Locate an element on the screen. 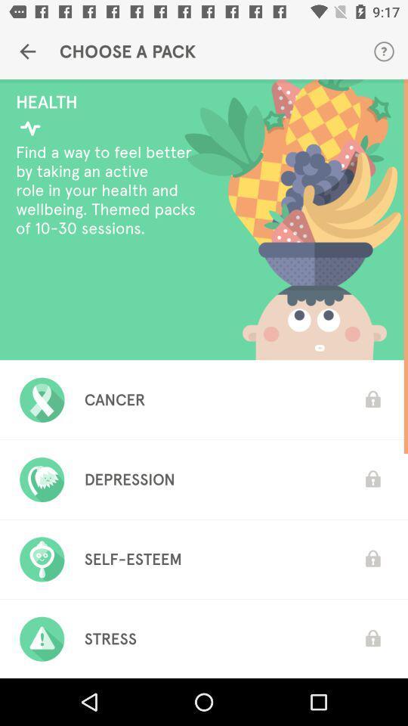 The width and height of the screenshot is (408, 726). self-esteem is located at coordinates (133, 558).